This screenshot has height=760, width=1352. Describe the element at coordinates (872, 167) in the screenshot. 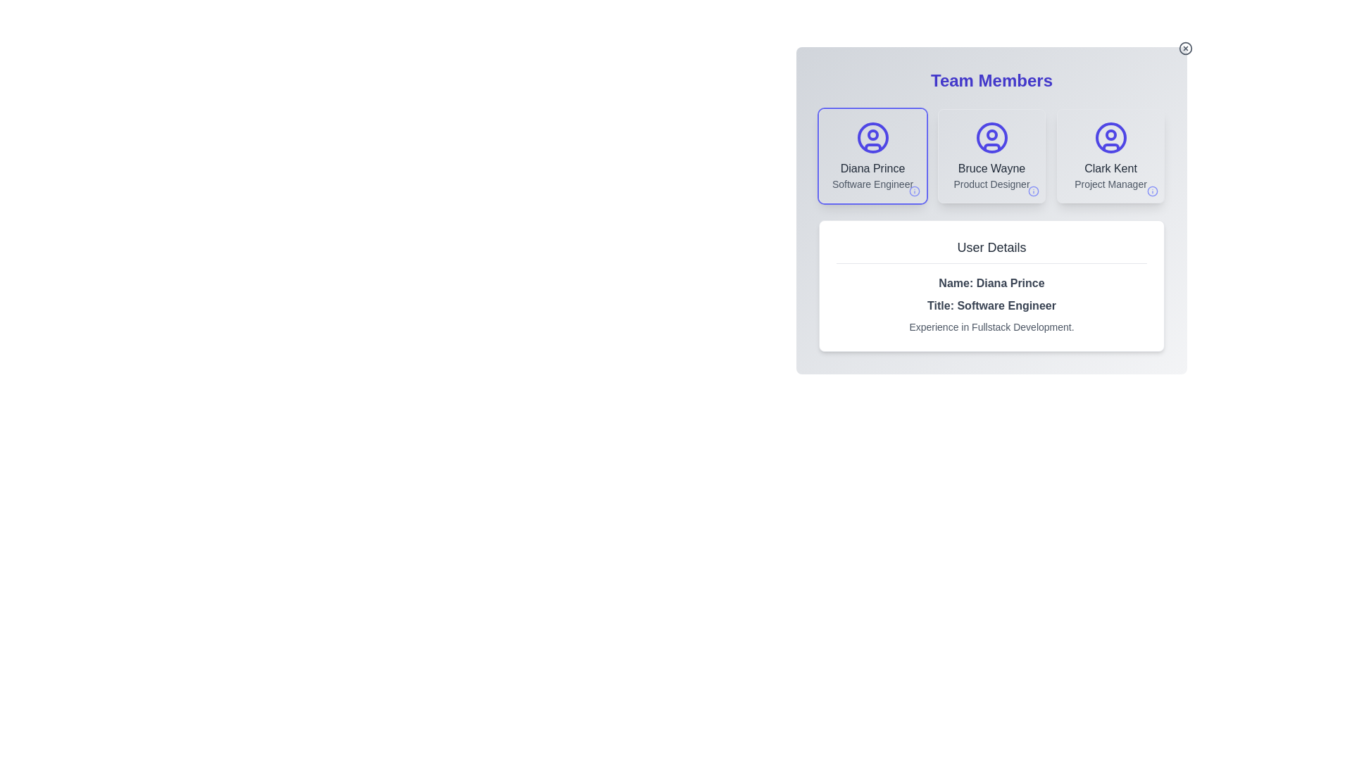

I see `the Text Label displaying 'Diana Prince' which is bold and located in the top-left card of the 'Team Members' section` at that location.